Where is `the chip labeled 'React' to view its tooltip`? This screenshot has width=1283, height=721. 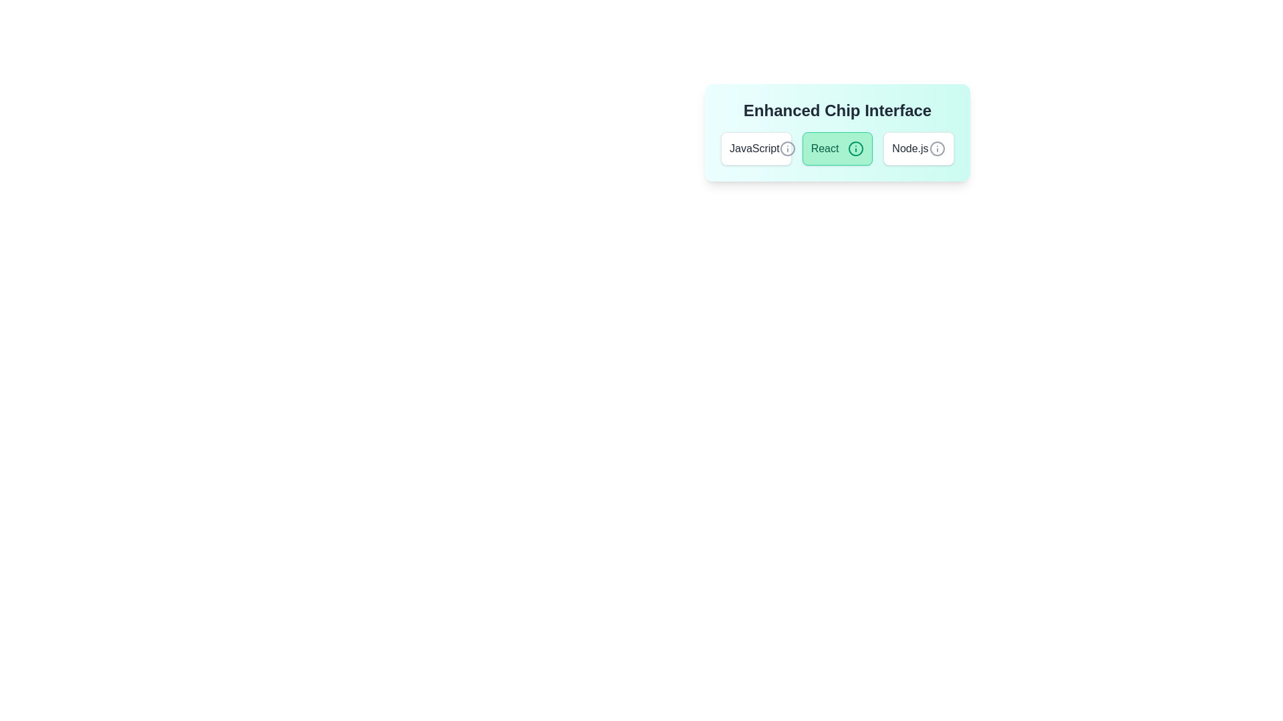
the chip labeled 'React' to view its tooltip is located at coordinates (837, 149).